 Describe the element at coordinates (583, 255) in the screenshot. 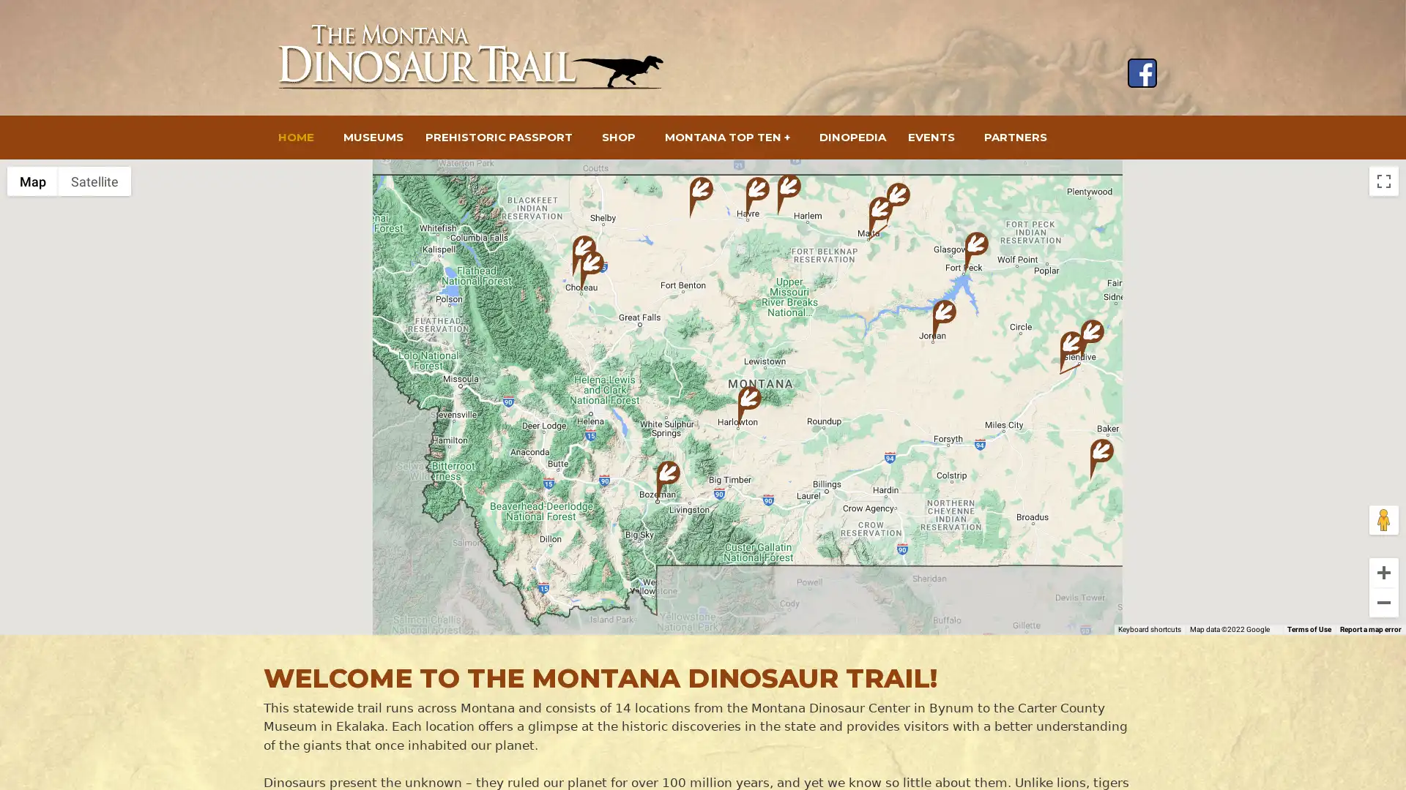

I see `Montana Dinosaur Center` at that location.